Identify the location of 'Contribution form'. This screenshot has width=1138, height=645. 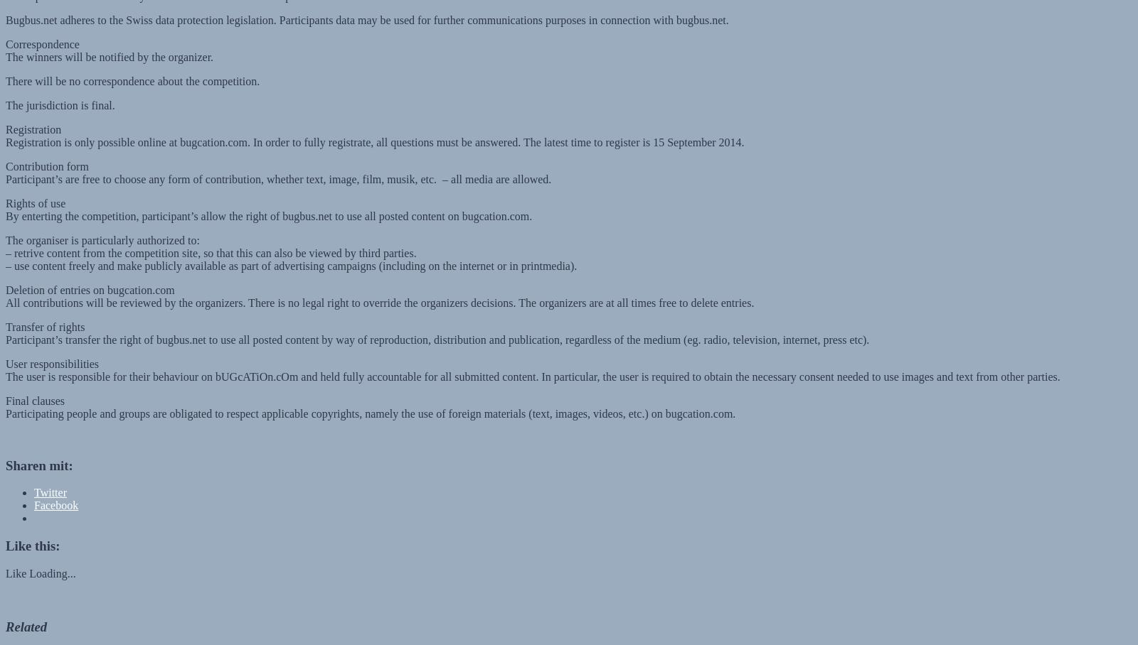
(46, 153).